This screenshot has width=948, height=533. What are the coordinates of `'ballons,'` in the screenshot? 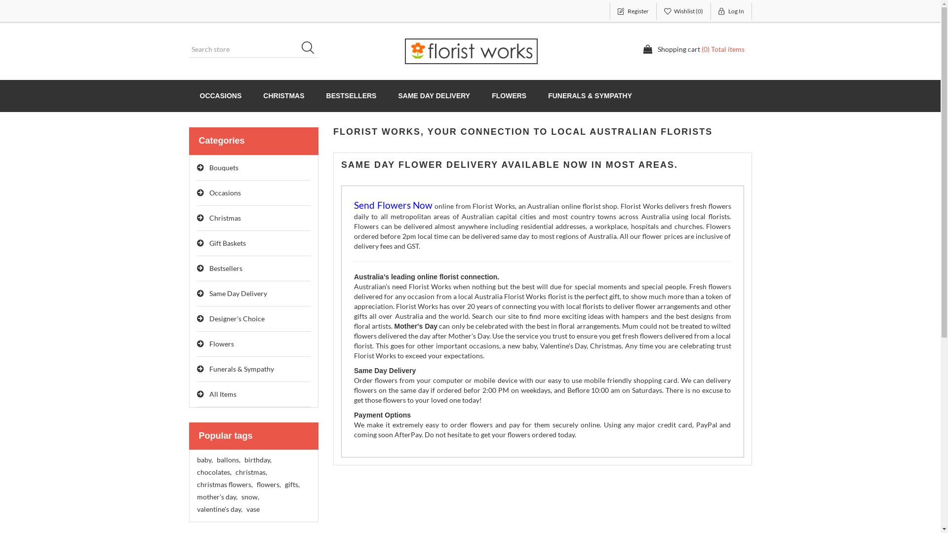 It's located at (227, 460).